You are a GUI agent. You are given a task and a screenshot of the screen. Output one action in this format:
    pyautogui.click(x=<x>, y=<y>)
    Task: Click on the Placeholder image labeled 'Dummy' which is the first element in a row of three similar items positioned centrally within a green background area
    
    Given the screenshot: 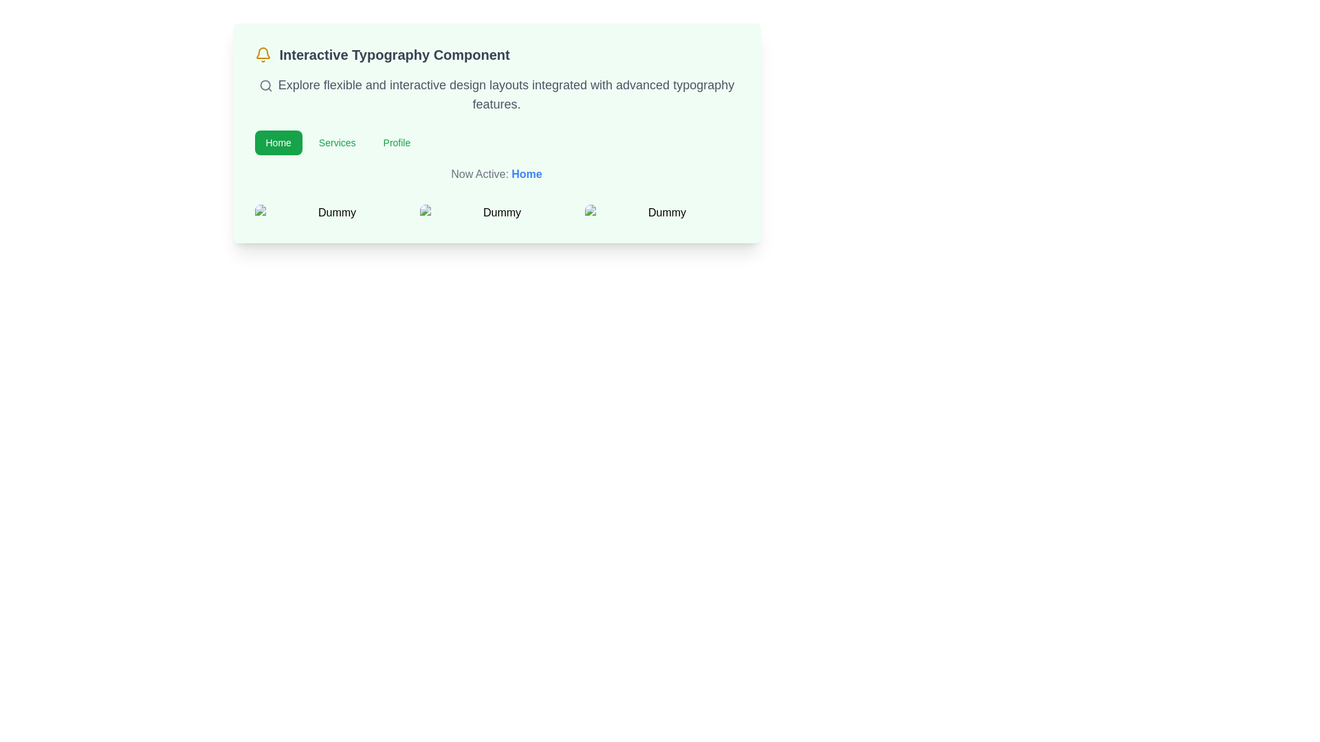 What is the action you would take?
    pyautogui.click(x=331, y=212)
    